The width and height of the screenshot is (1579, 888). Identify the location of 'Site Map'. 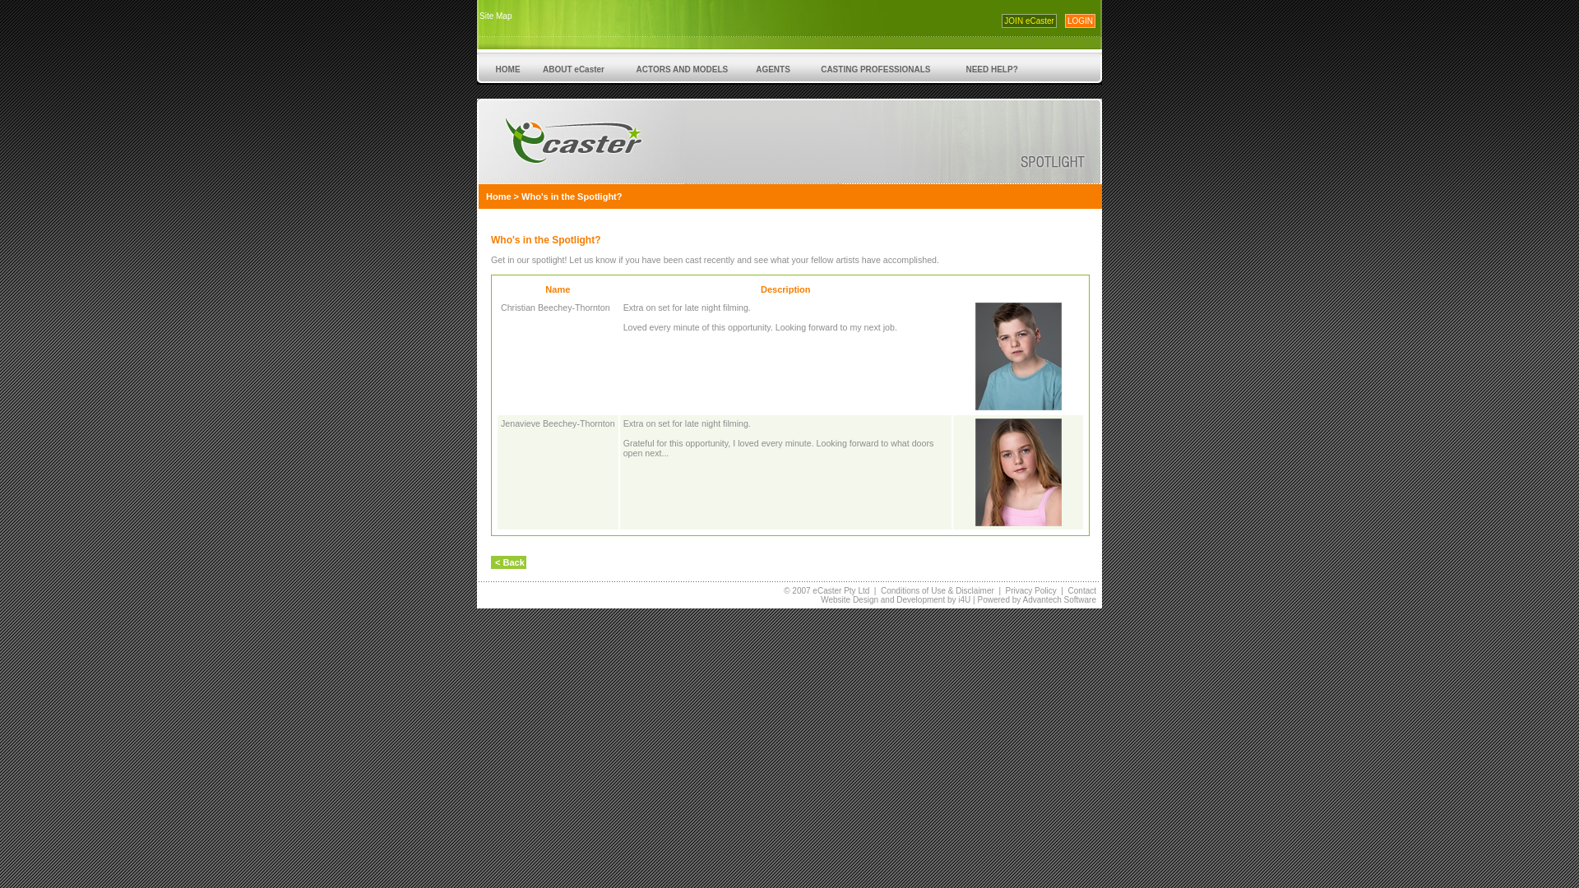
(494, 16).